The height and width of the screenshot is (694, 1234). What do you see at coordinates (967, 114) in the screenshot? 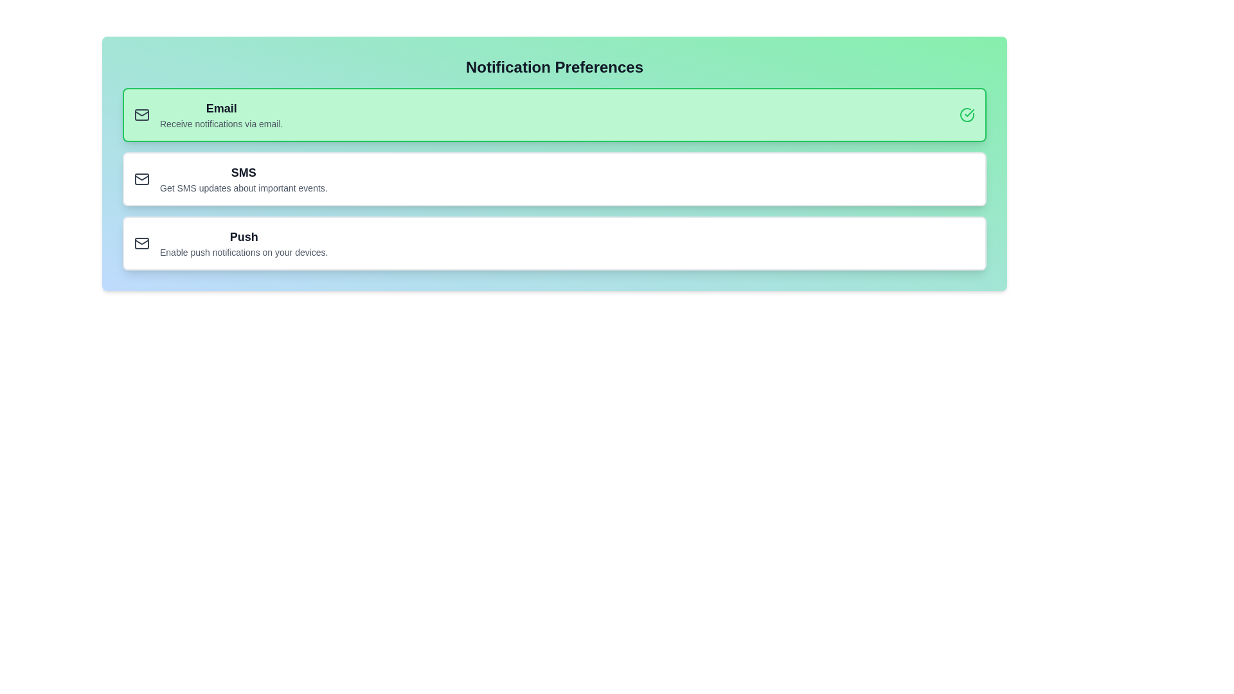
I see `the Status icon located on the far right within the green-highlighted 'Email' option box, which indicates that the associated notification preference is selected or enabled` at bounding box center [967, 114].